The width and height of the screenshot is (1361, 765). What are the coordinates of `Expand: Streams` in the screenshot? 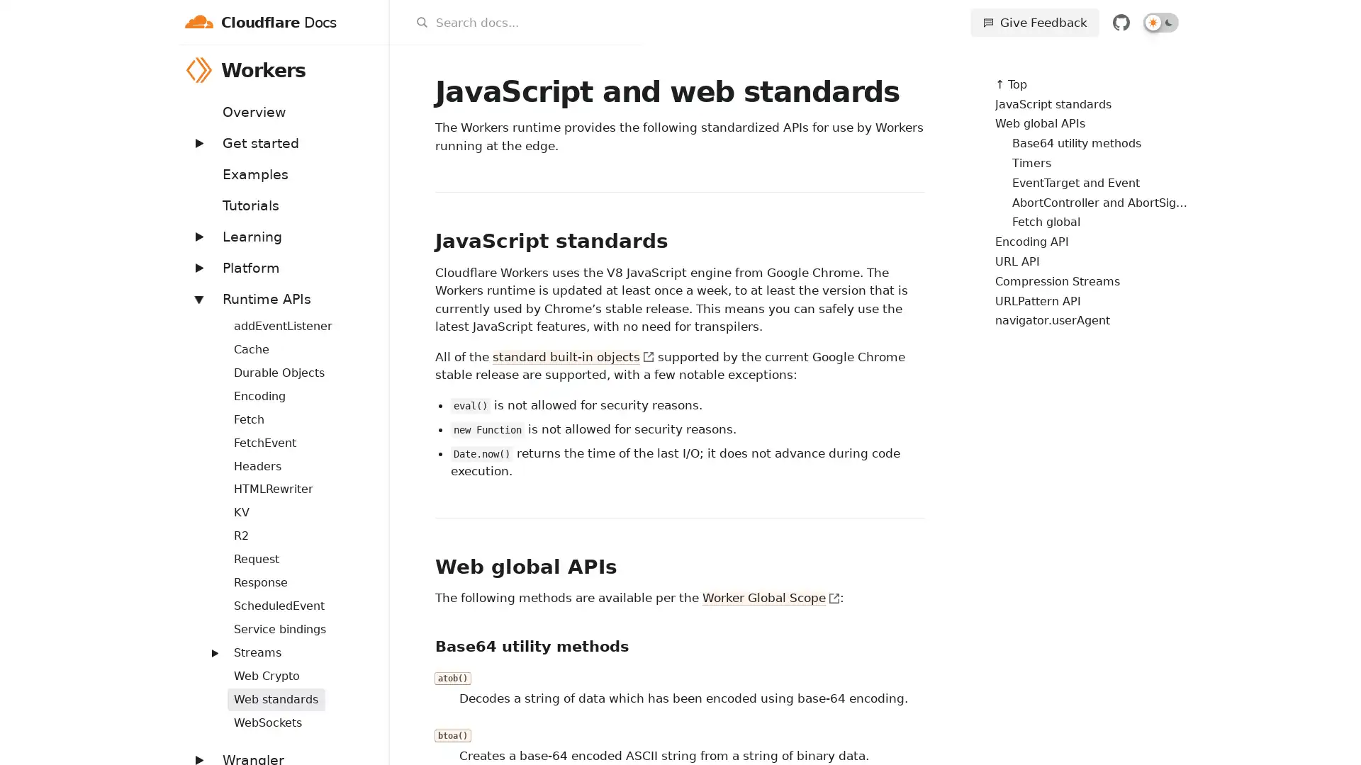 It's located at (213, 652).